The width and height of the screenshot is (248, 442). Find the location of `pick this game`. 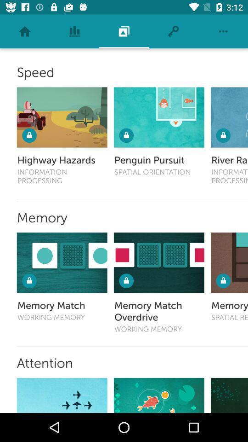

pick this game is located at coordinates (62, 262).